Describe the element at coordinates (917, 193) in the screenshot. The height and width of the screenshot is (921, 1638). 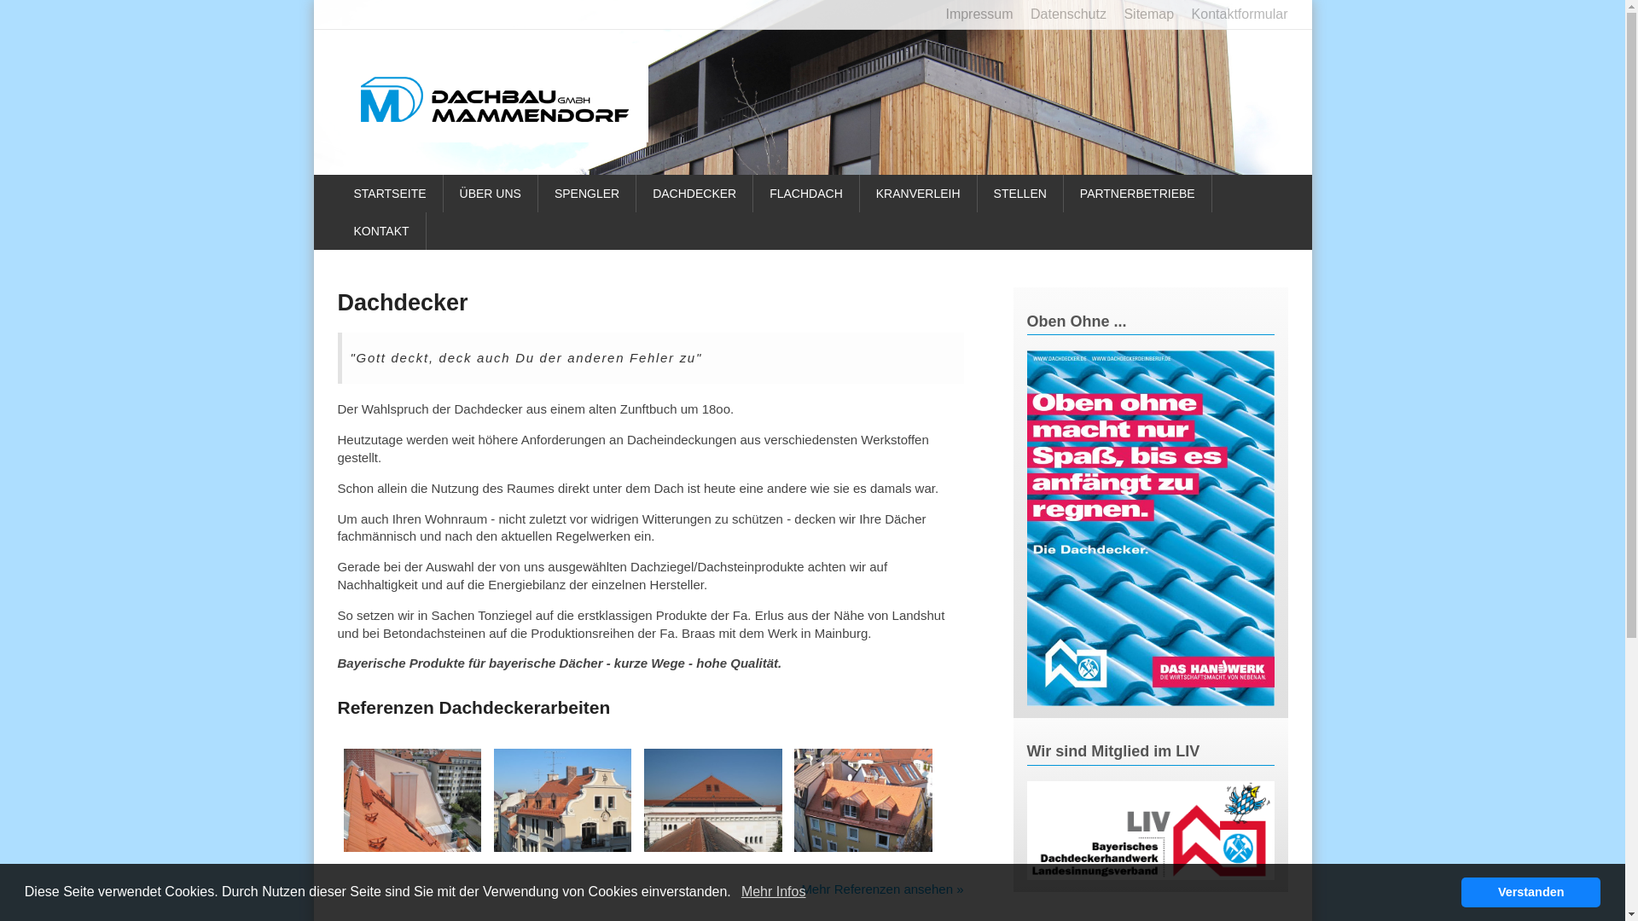
I see `'KRANVERLEIH'` at that location.